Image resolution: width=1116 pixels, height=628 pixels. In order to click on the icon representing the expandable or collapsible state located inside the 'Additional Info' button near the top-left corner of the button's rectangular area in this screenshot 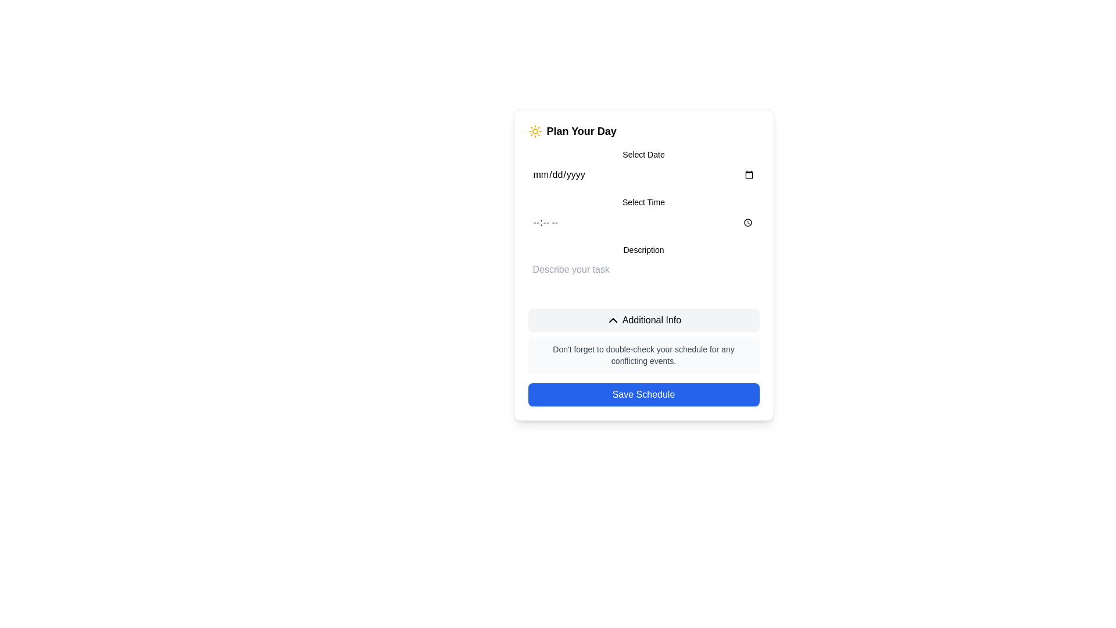, I will do `click(612, 320)`.